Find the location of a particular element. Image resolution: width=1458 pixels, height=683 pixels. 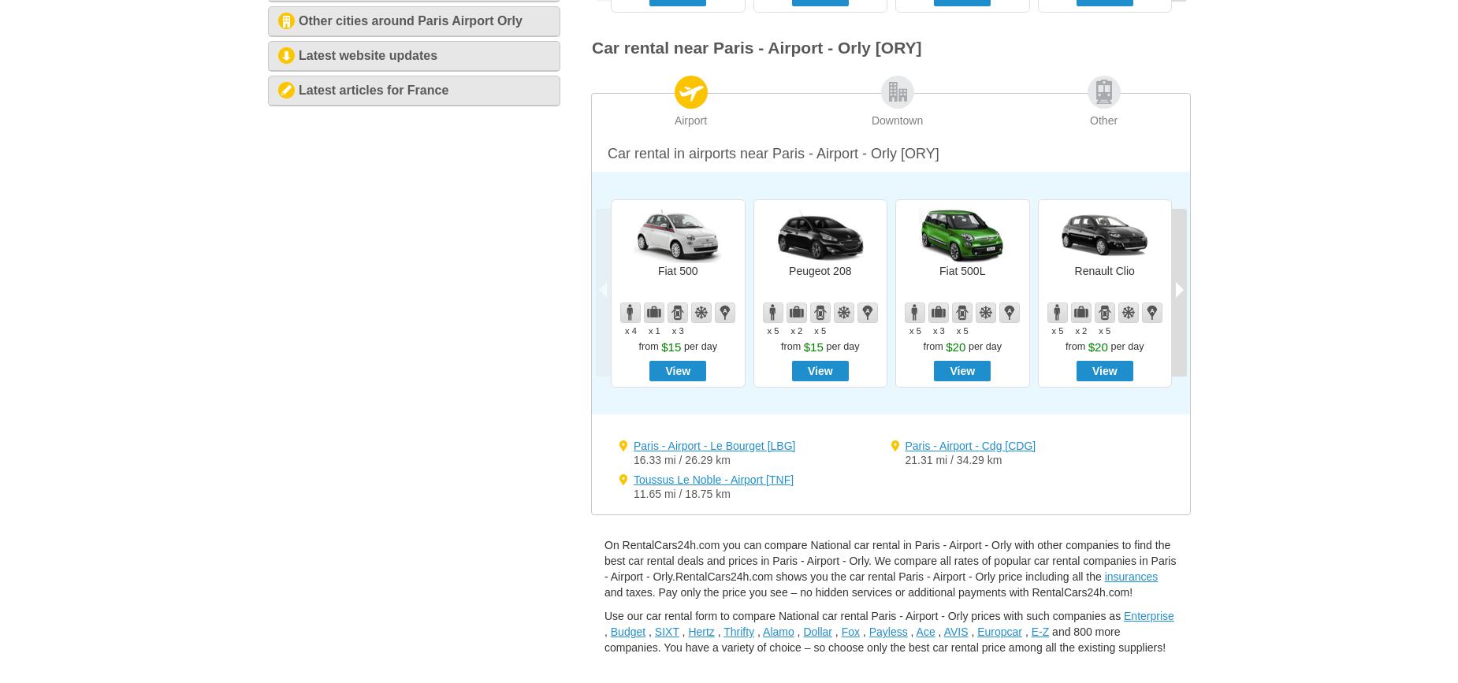

'Fox' is located at coordinates (849, 630).